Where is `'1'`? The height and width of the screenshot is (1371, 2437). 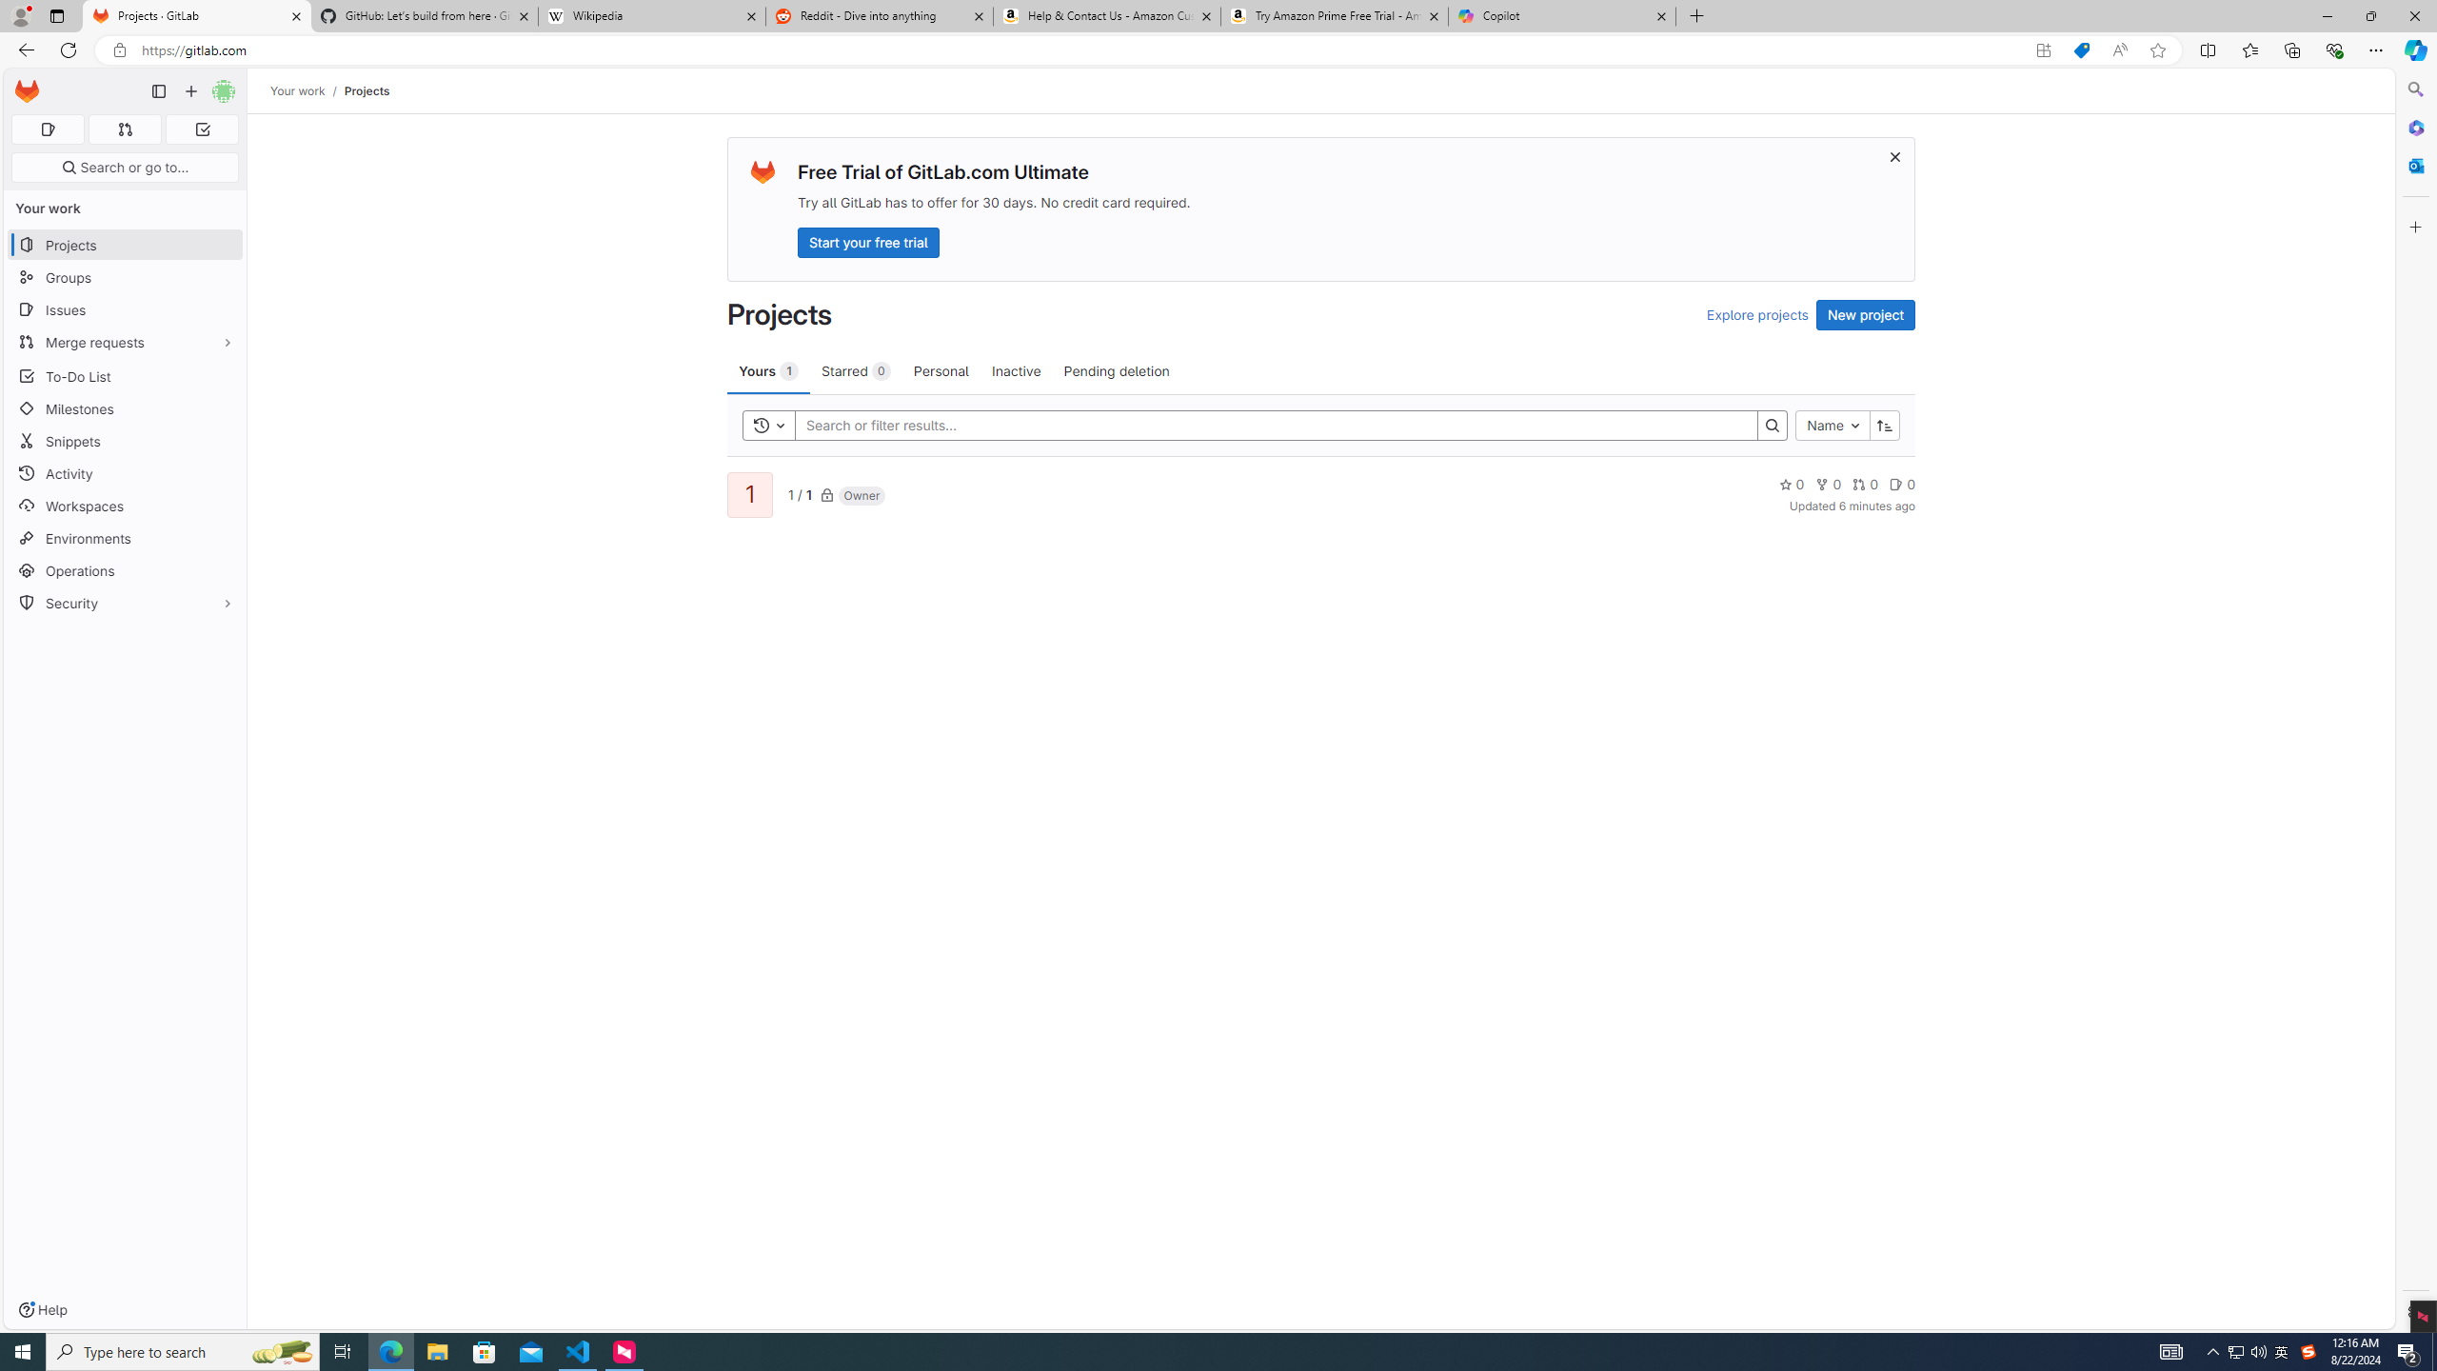 '1' is located at coordinates (748, 493).